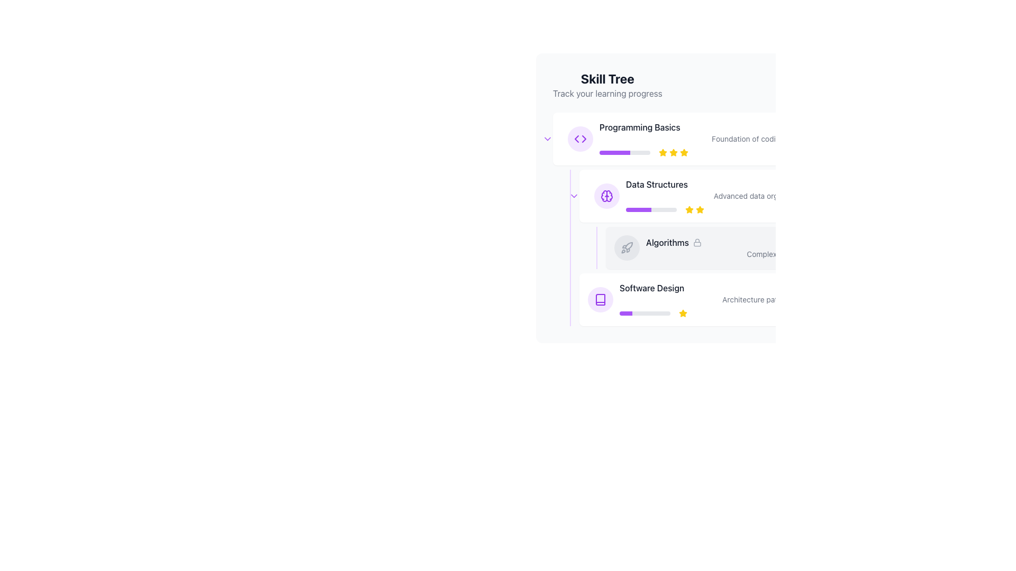 This screenshot has height=571, width=1016. I want to click on the text label displaying 'Advanced data organization' which is positioned within the 'Data Structures' section of the Skill Tree interface, aligned to the right and below the title, so click(760, 196).